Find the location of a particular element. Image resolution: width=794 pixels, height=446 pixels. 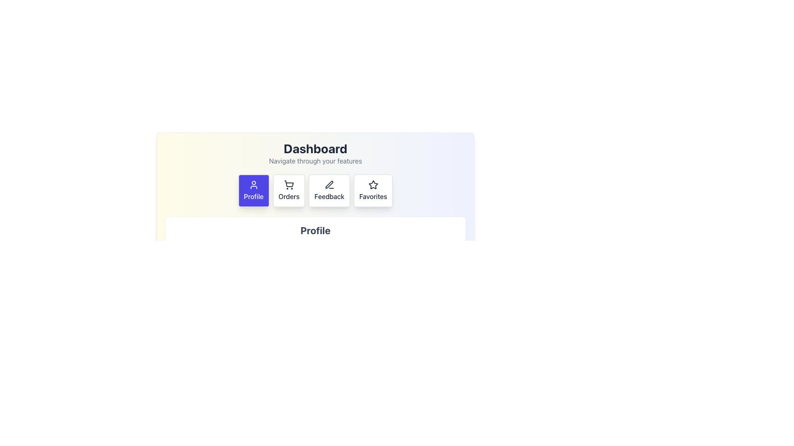

the 'Profile' button, which is the first button from the left in a group of four buttons located is located at coordinates (253, 191).